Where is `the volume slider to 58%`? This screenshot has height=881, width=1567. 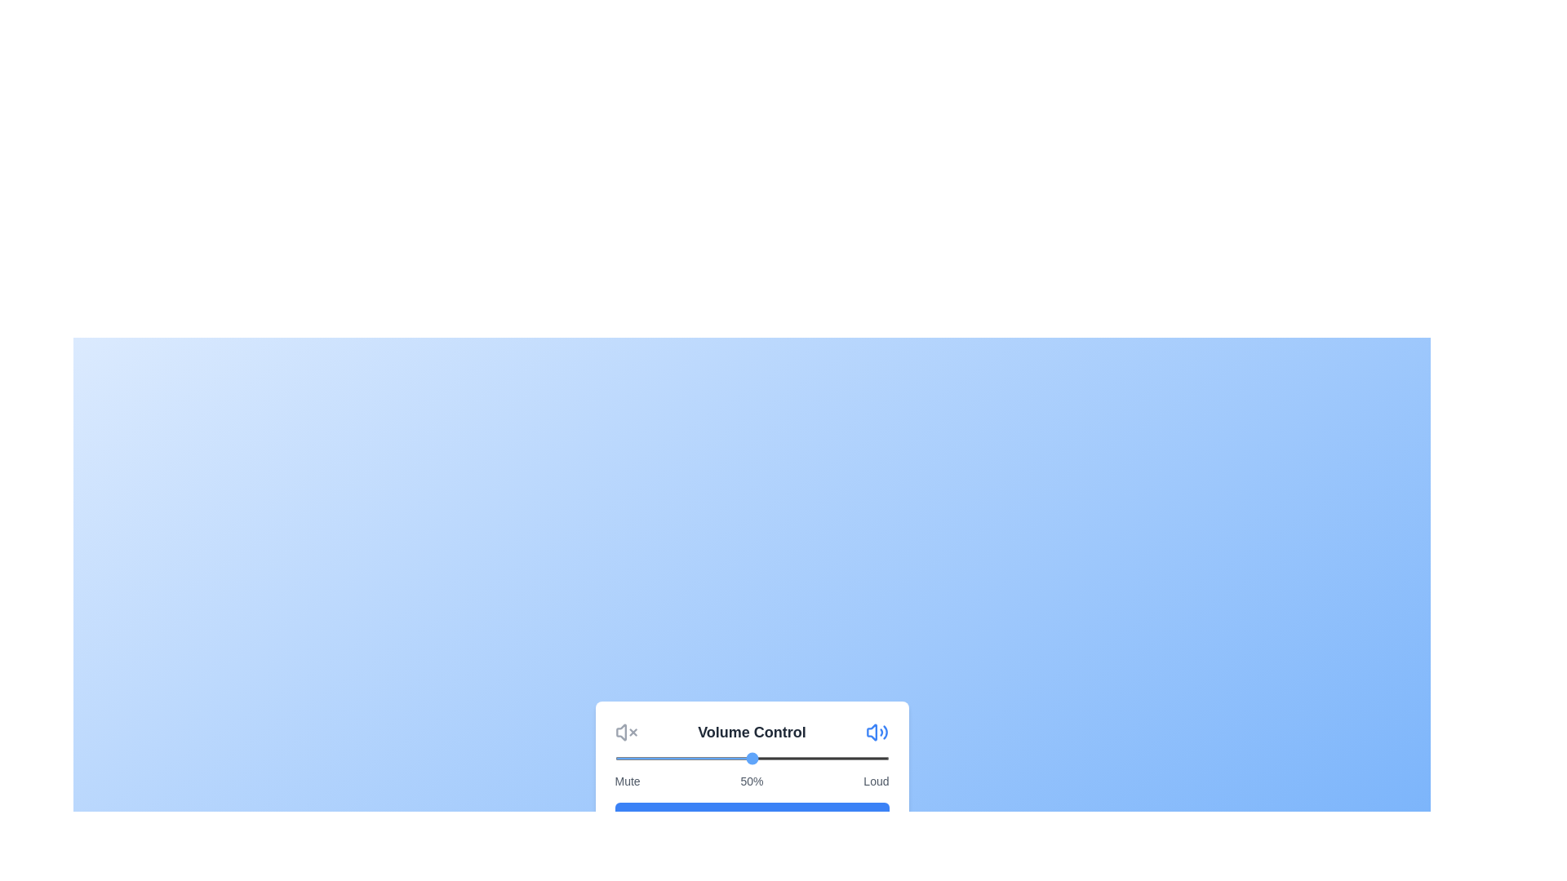 the volume slider to 58% is located at coordinates (773, 758).